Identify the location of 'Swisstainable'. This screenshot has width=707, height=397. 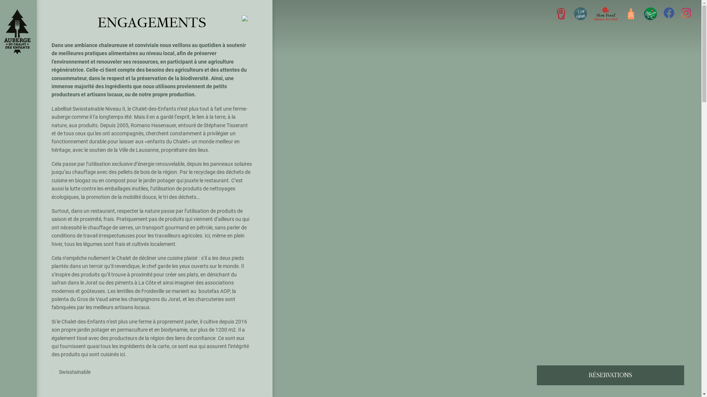
(74, 372).